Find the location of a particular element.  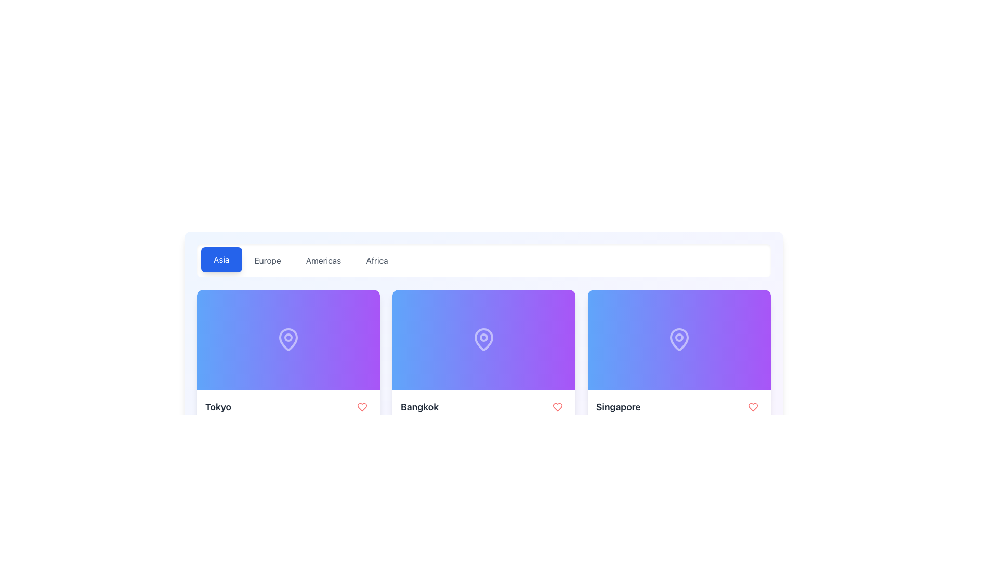

the map pin icon located in the 'Bangkok' card, which features a pointed bottom and an inner circular form, styled in a light color against a gradient background of blue and purple is located at coordinates (483, 339).